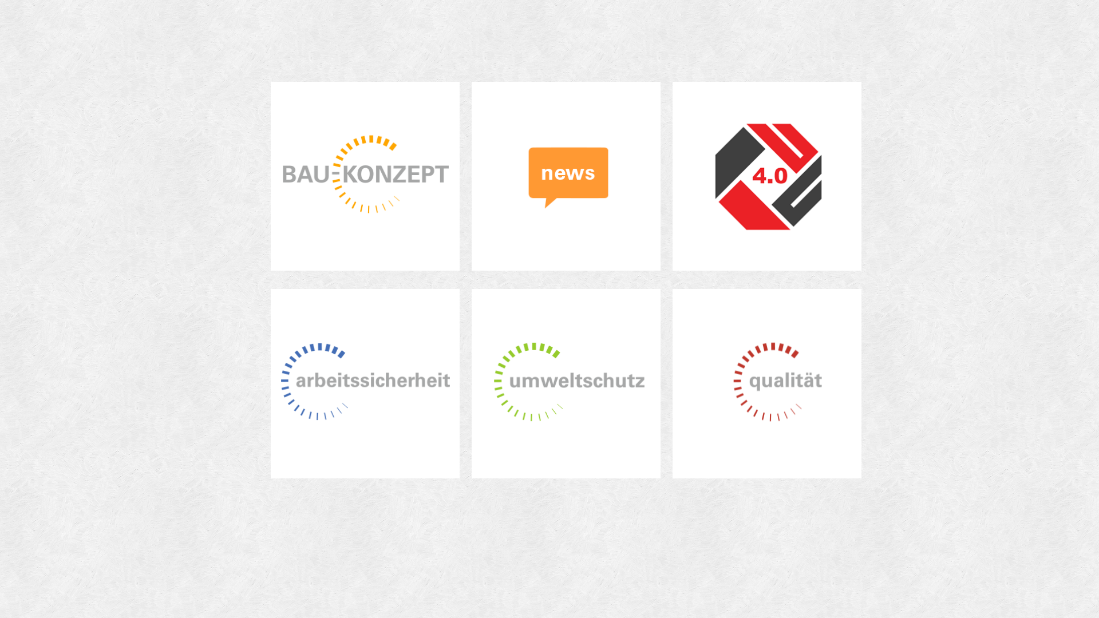 The image size is (1099, 618). Describe the element at coordinates (766, 176) in the screenshot. I see `'Zur swiss STRATEGIE Seite'` at that location.